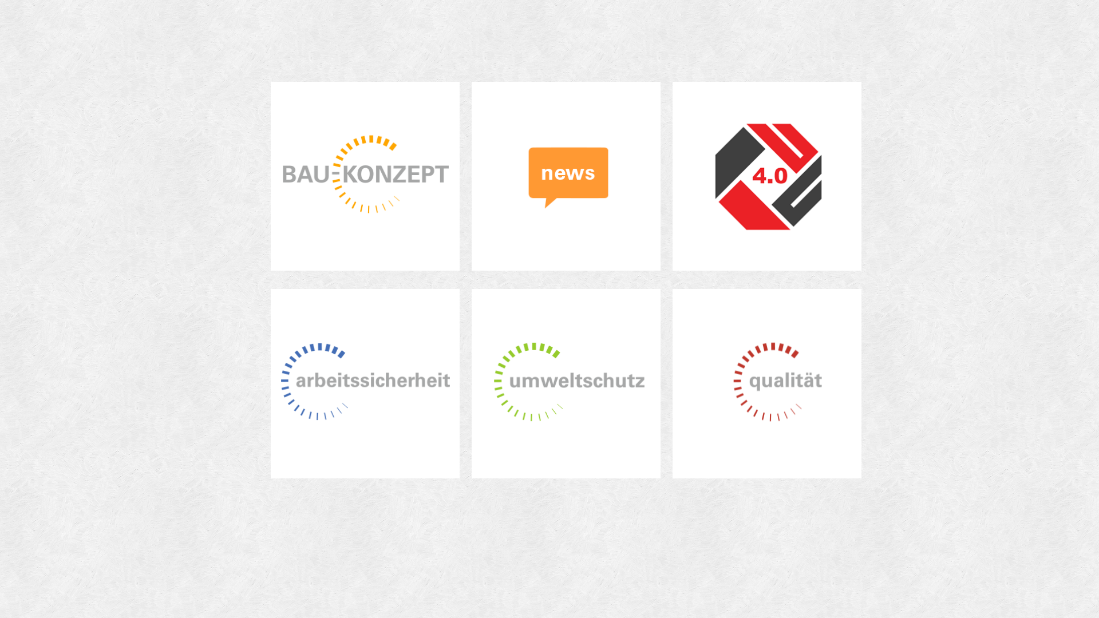 The image size is (1099, 618). Describe the element at coordinates (766, 176) in the screenshot. I see `'Zur swiss STRATEGIE Seite'` at that location.